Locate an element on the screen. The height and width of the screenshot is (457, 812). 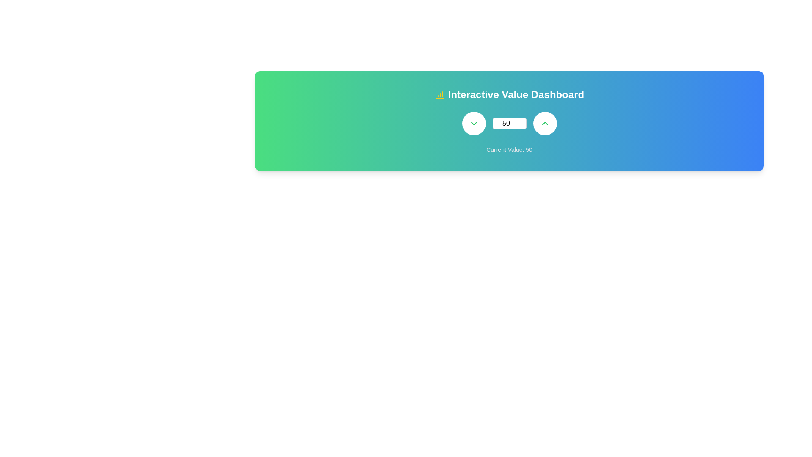
the circular white button with a green chevron-down icon, which is the first button in a group of three horizontally arranged in the middle of a gradient header bar, to trigger the hover effect is located at coordinates (474, 124).